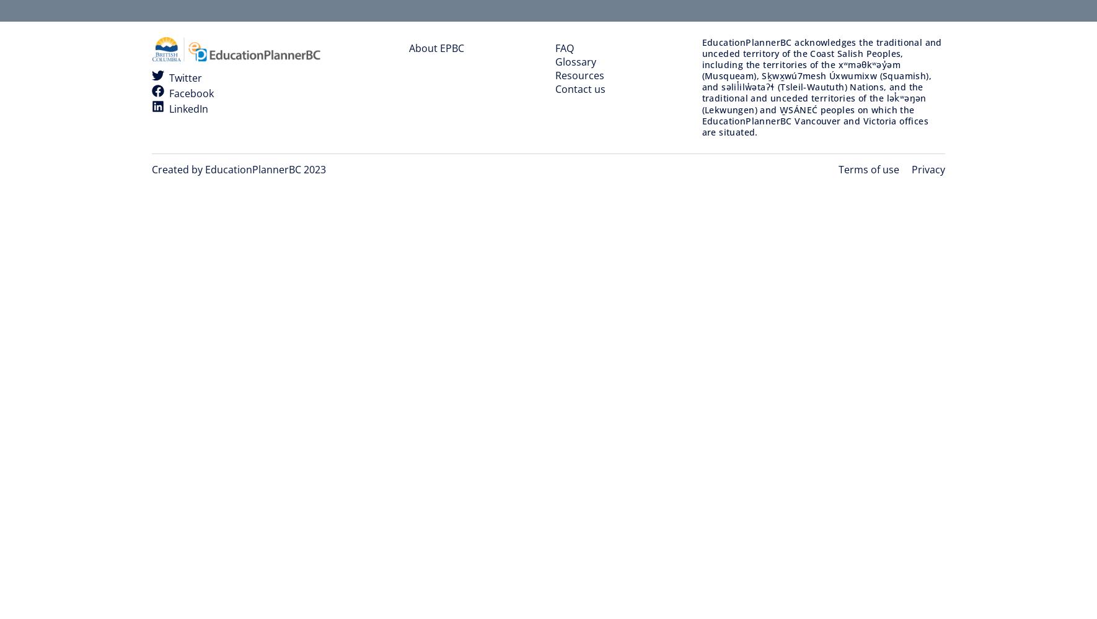 This screenshot has height=619, width=1097. What do you see at coordinates (188, 108) in the screenshot?
I see `'LinkedIn'` at bounding box center [188, 108].